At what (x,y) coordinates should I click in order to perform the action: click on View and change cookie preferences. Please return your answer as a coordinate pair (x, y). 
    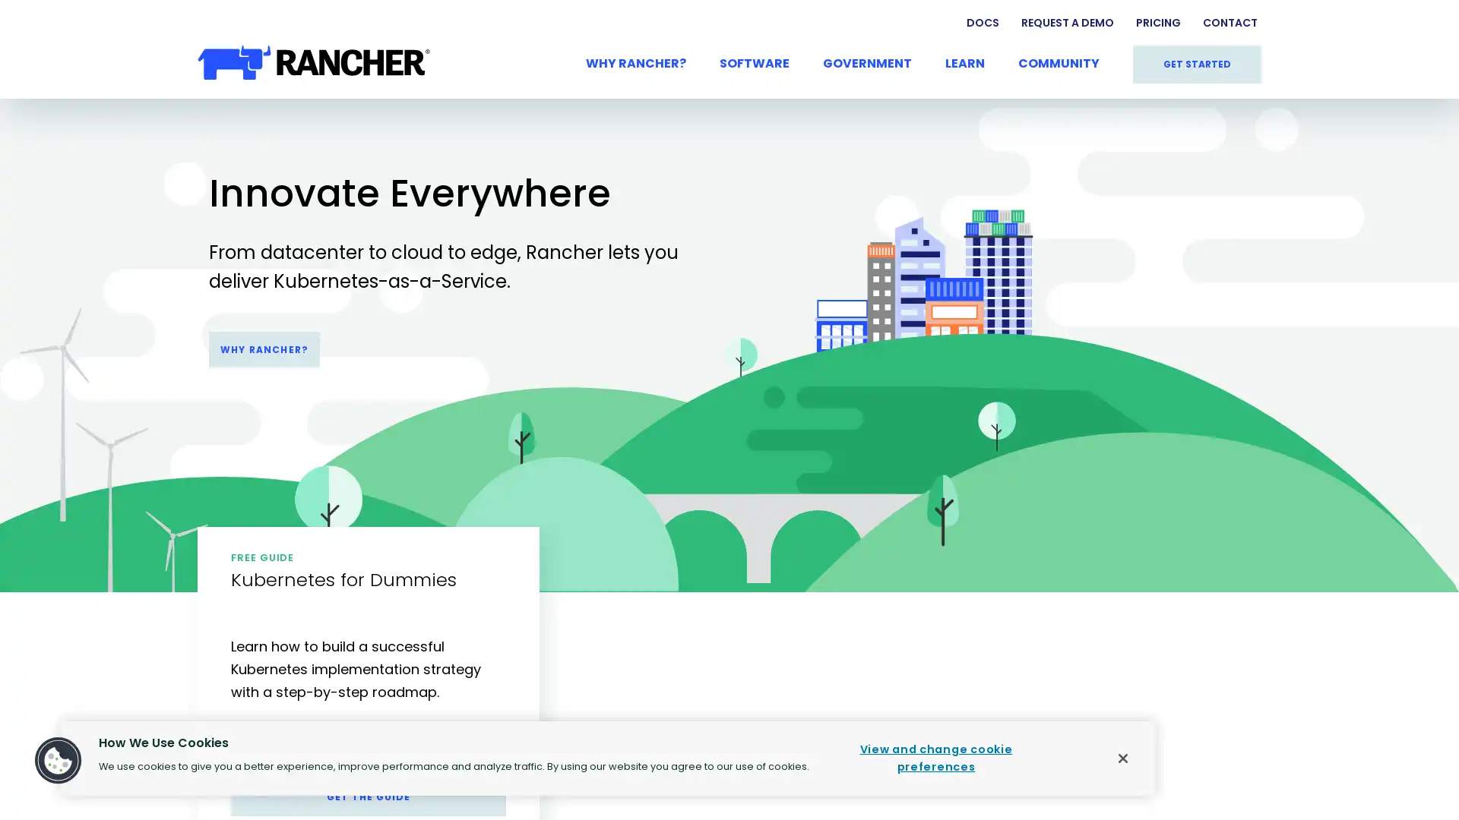
    Looking at the image, I should click on (935, 758).